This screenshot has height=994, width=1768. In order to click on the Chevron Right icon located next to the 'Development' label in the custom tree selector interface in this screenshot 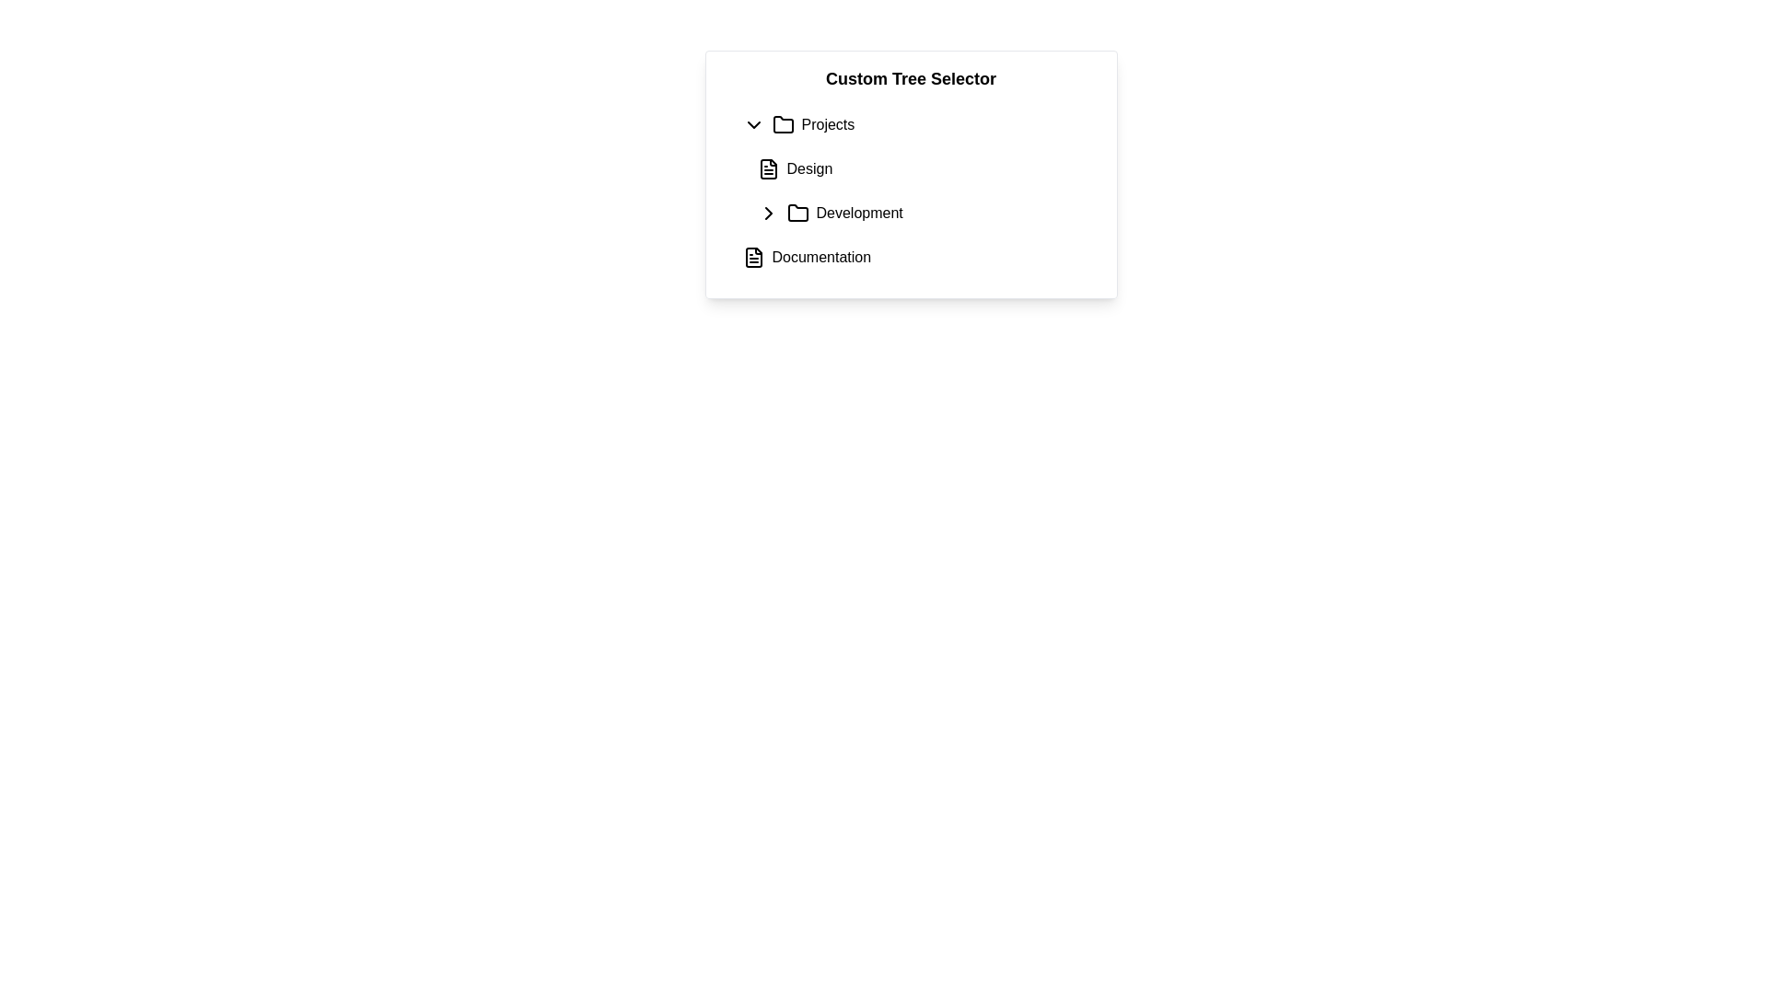, I will do `click(768, 212)`.